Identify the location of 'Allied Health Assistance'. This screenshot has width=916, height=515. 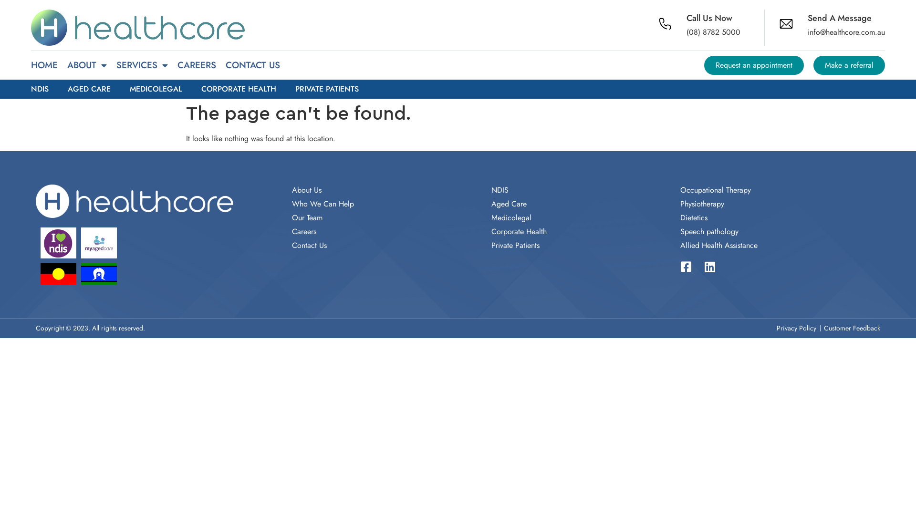
(679, 245).